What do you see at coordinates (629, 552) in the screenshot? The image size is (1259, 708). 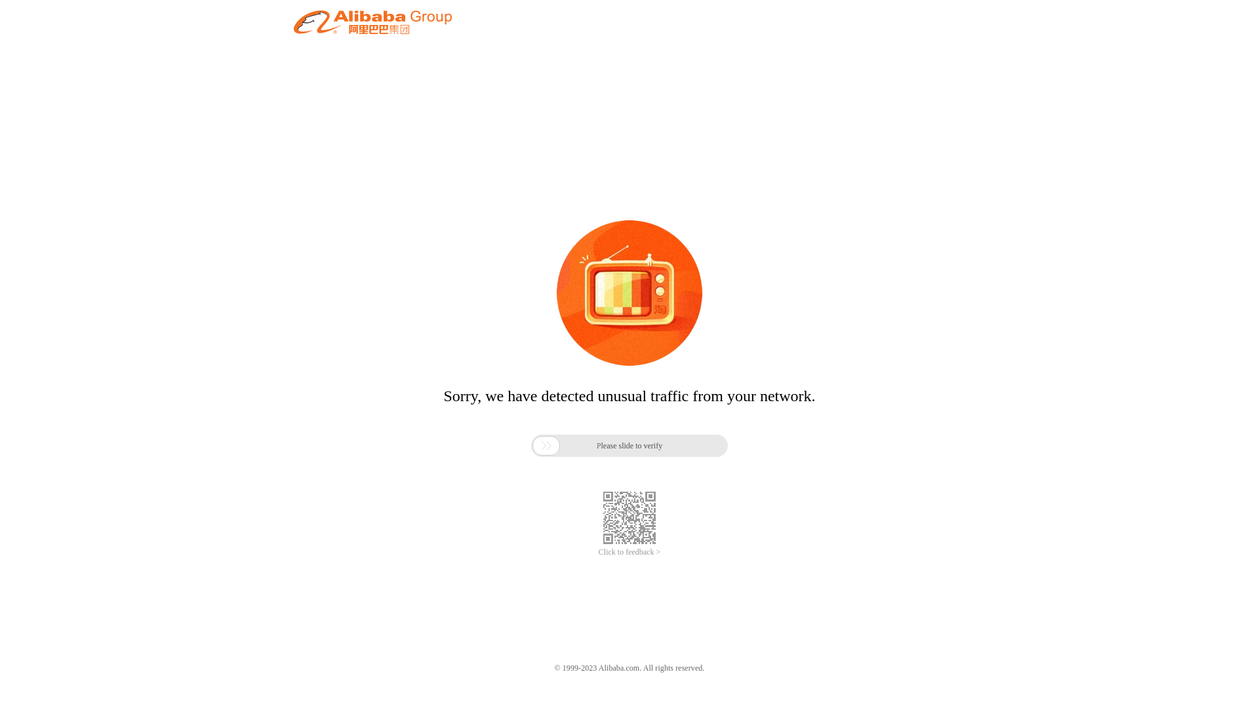 I see `'Click to feedback >'` at bounding box center [629, 552].